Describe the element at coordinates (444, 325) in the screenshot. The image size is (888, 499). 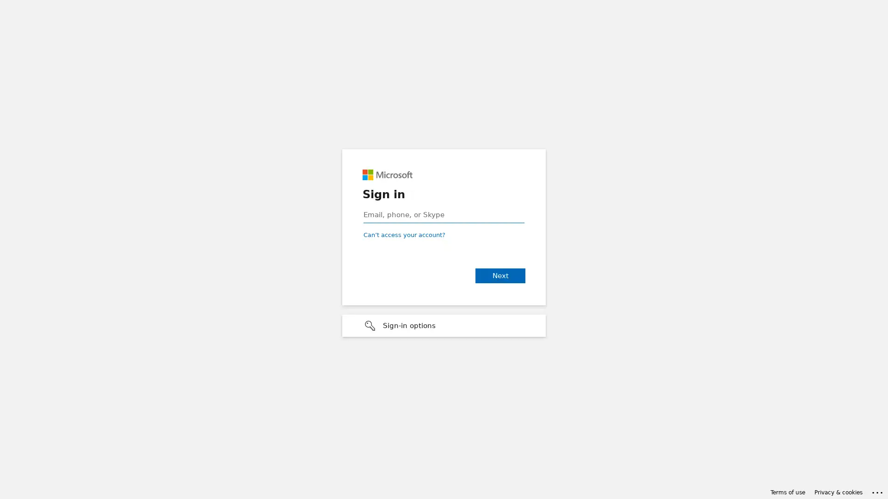
I see `Sign-in options` at that location.